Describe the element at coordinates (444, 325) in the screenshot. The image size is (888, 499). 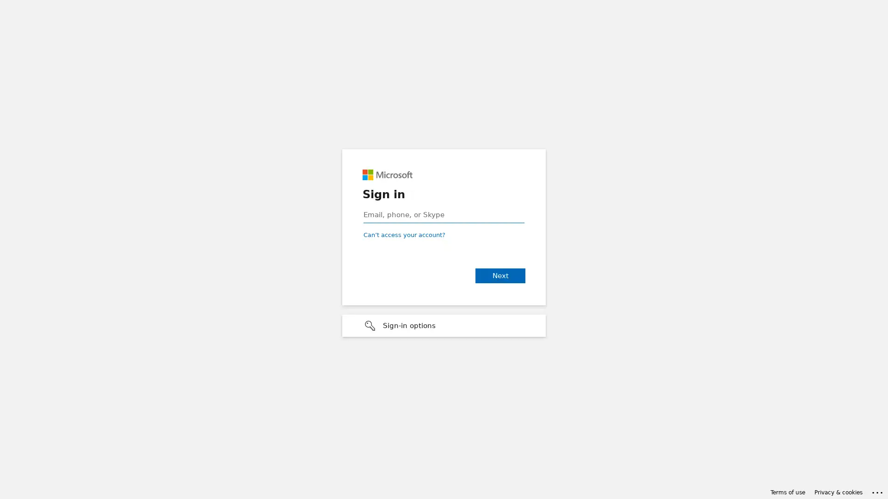
I see `Sign-in options` at that location.